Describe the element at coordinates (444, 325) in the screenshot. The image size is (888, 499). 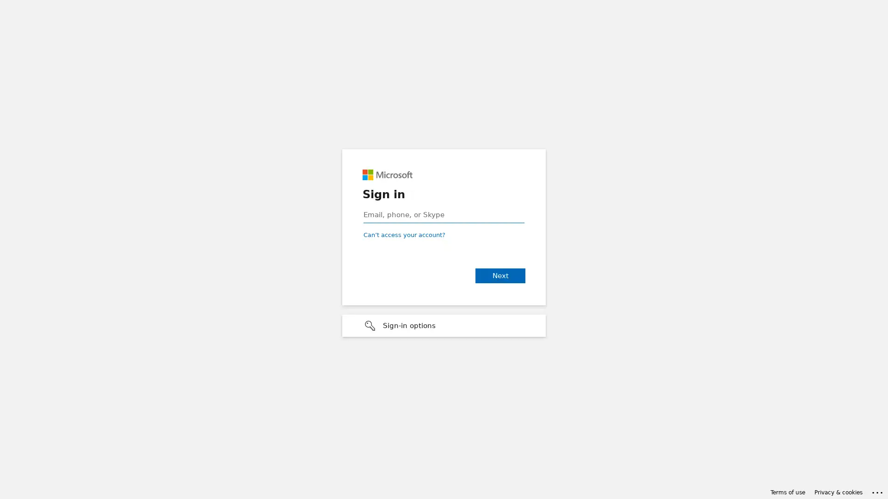
I see `Sign-in options` at that location.